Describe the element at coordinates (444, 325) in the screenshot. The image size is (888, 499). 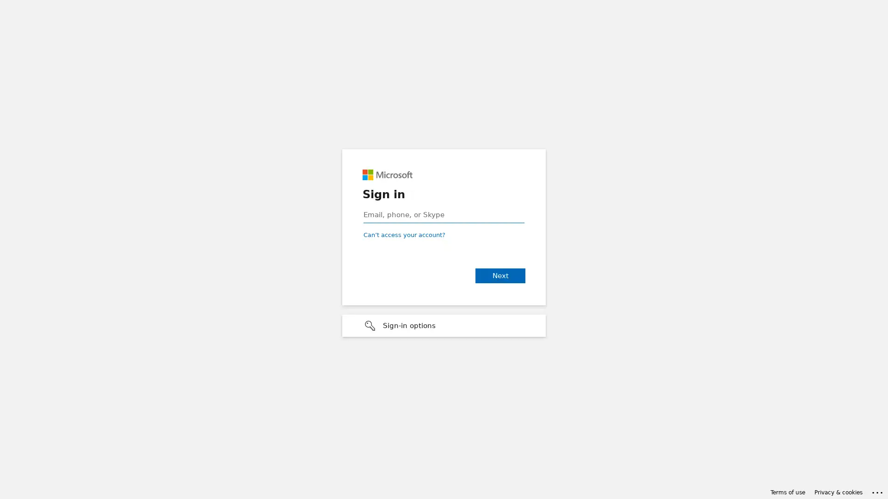
I see `Sign-in options` at that location.